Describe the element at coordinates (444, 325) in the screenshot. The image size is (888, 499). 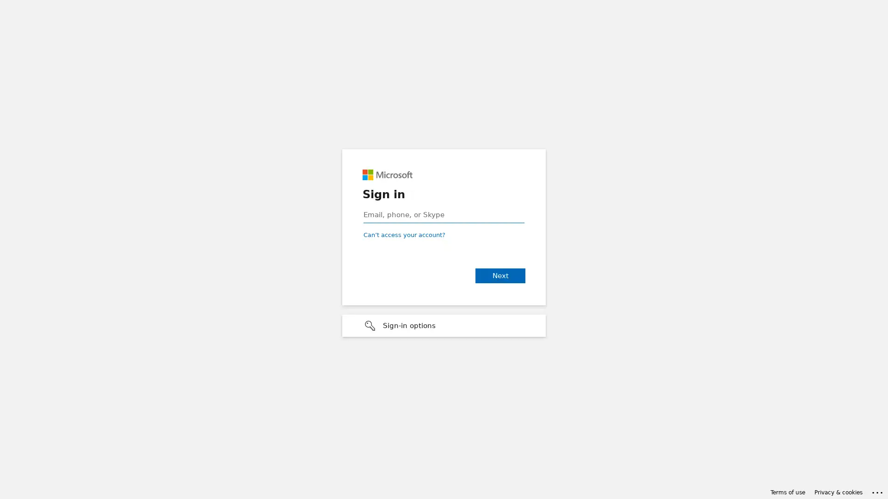
I see `Sign-in options` at that location.